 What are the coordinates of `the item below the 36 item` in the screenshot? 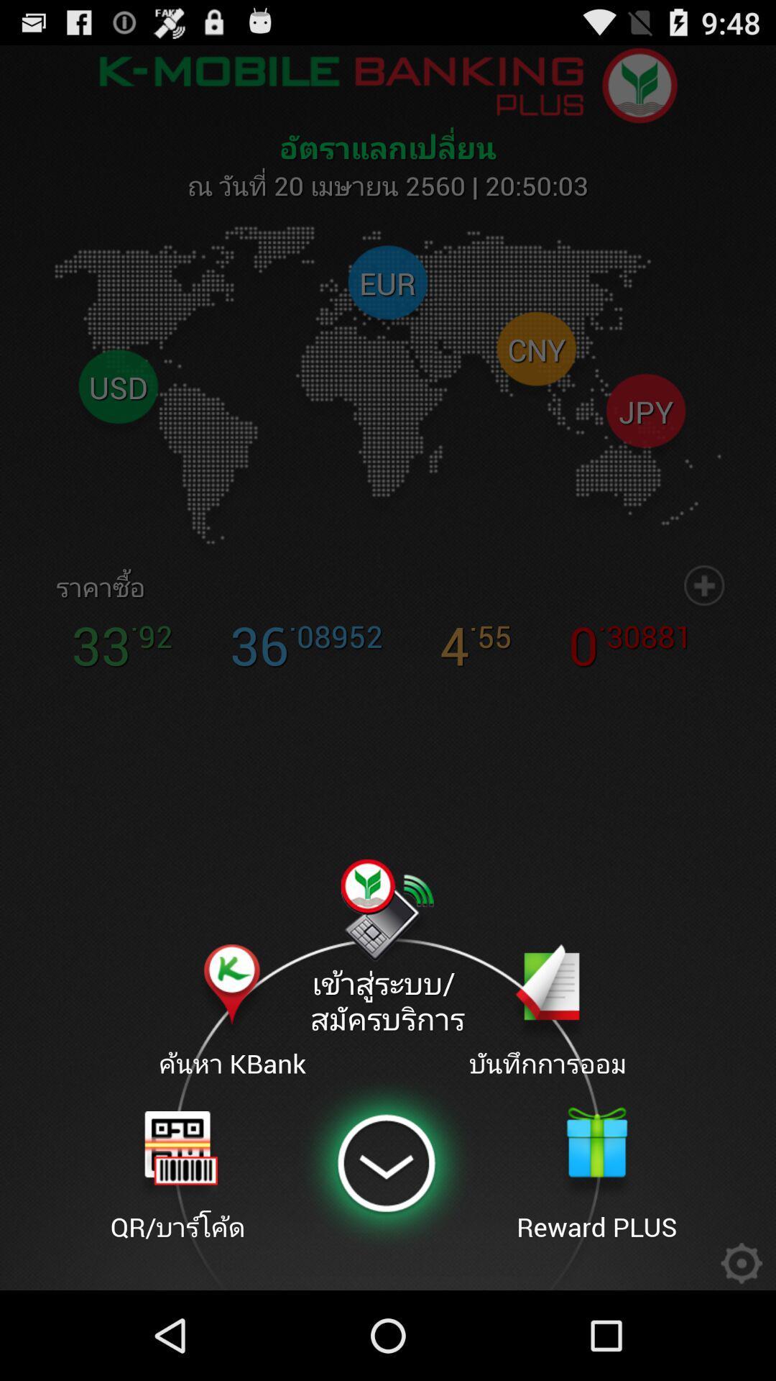 It's located at (387, 949).